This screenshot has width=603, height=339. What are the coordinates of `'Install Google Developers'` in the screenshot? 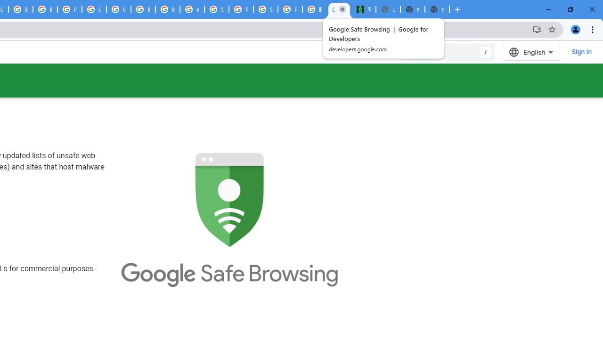 It's located at (537, 29).